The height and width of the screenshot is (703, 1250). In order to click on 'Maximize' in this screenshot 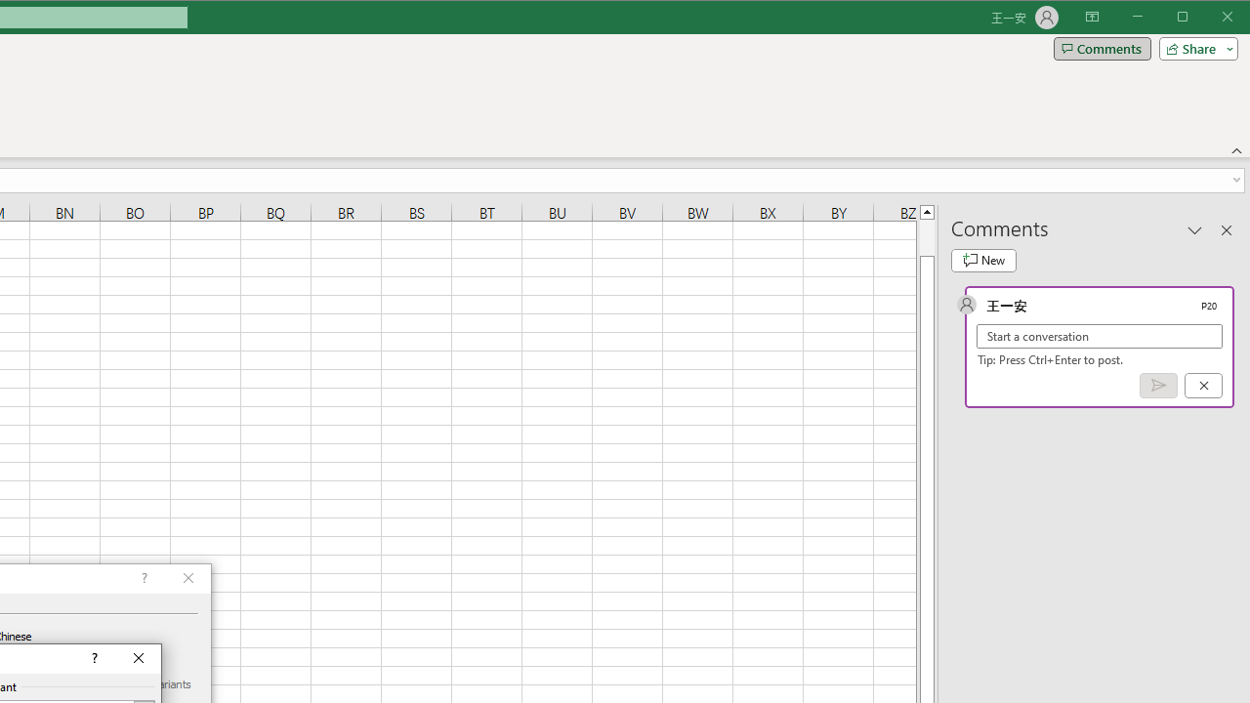, I will do `click(1209, 19)`.